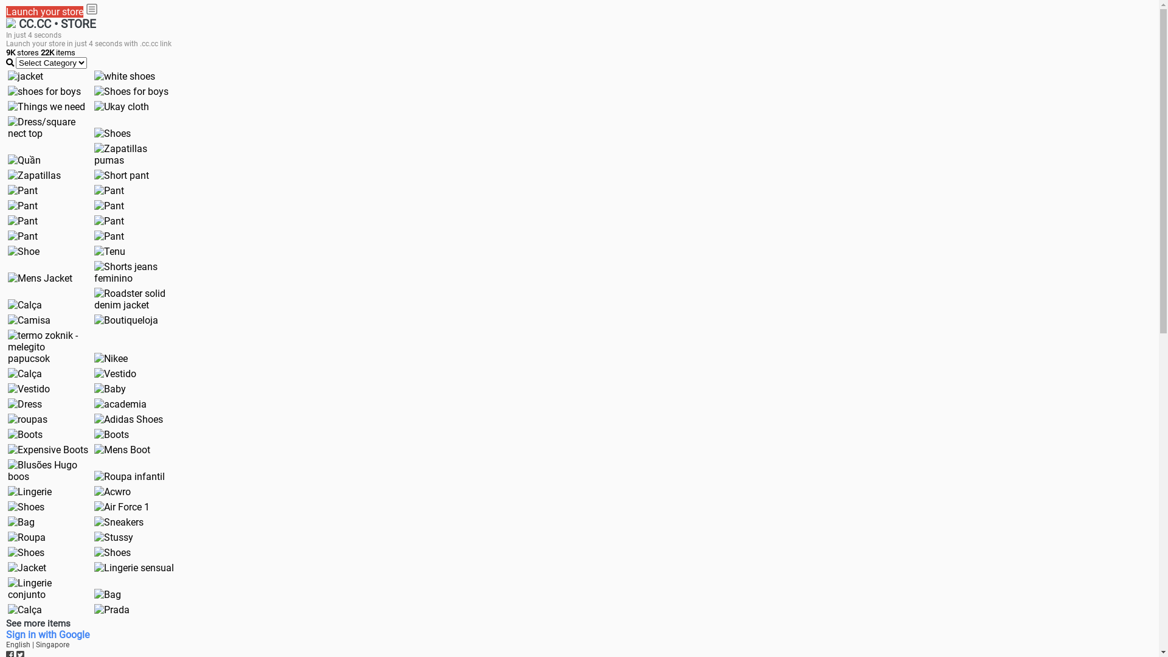  I want to click on 'Acwro', so click(113, 491).